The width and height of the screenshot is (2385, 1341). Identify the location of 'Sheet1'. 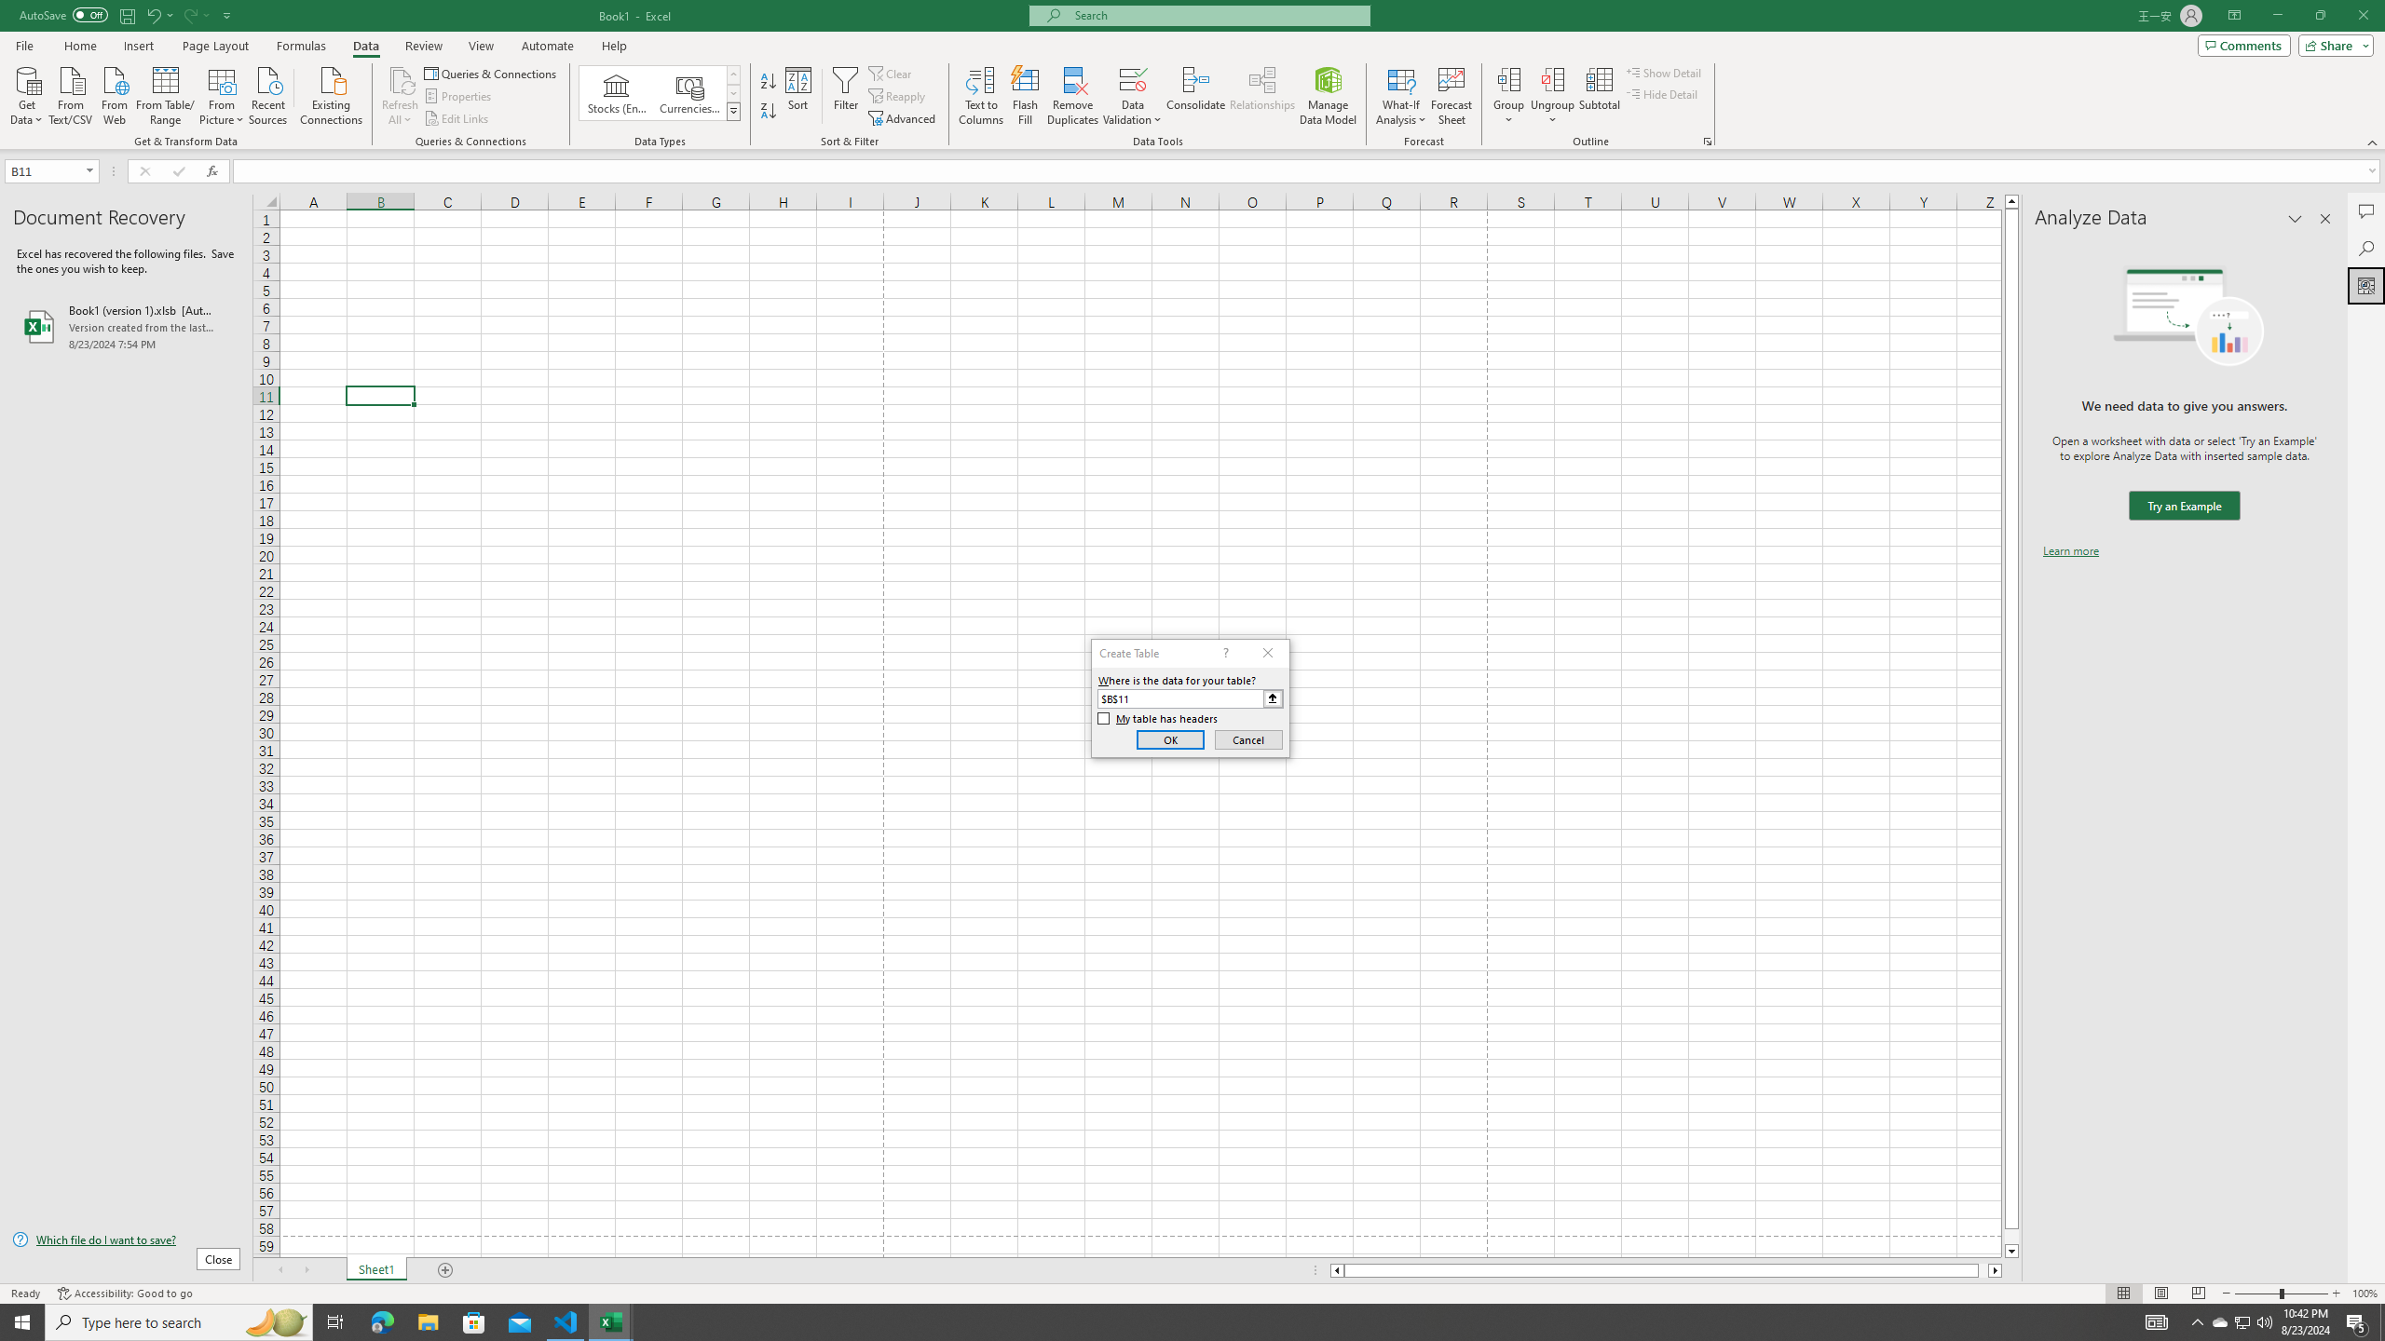
(375, 1269).